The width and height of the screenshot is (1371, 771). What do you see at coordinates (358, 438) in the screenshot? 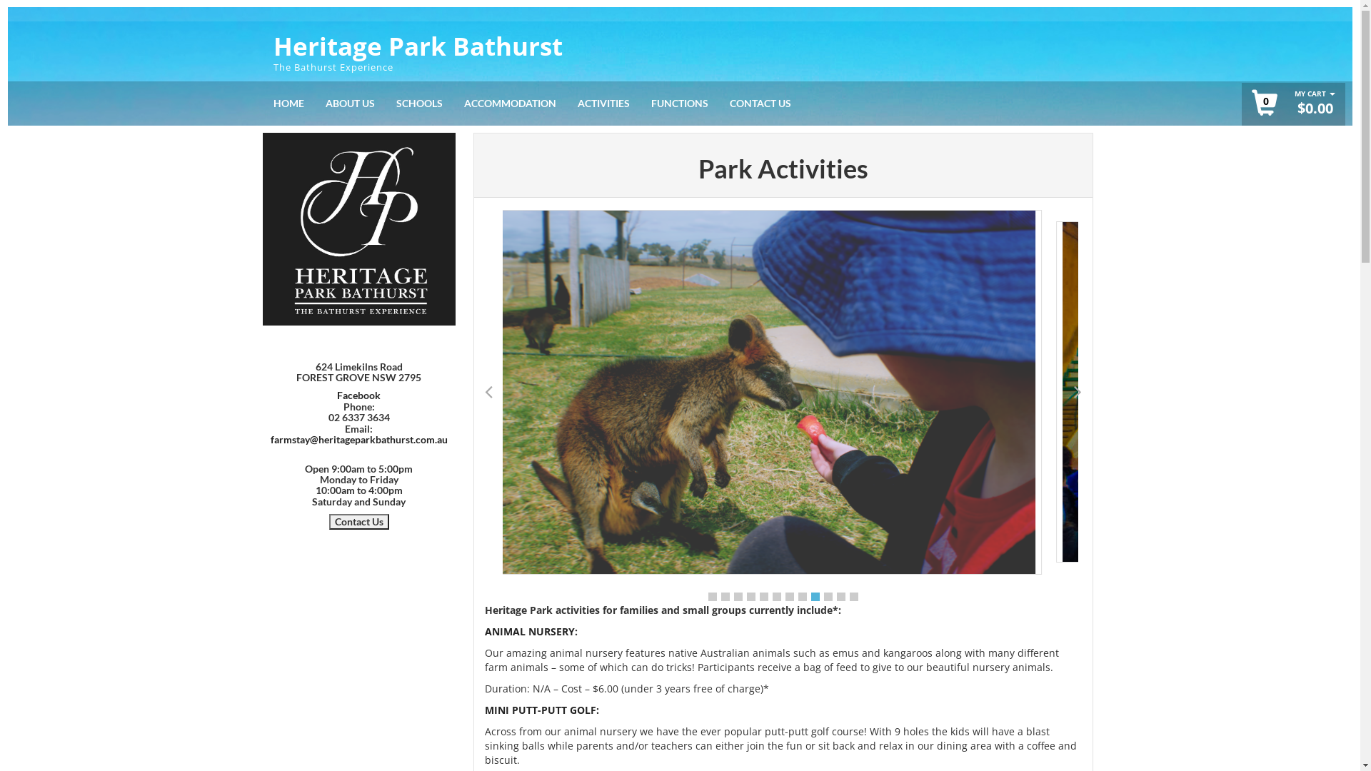
I see `'farmstay@heritageparkbathurst.com.au'` at bounding box center [358, 438].